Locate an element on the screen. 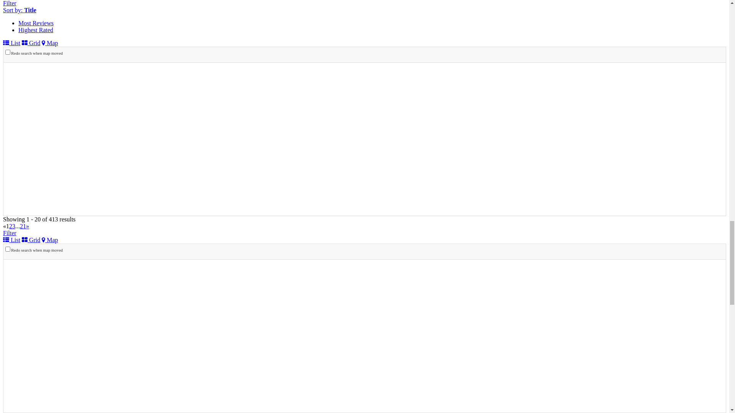 This screenshot has height=413, width=735. 'Cart (0)' is located at coordinates (13, 20).